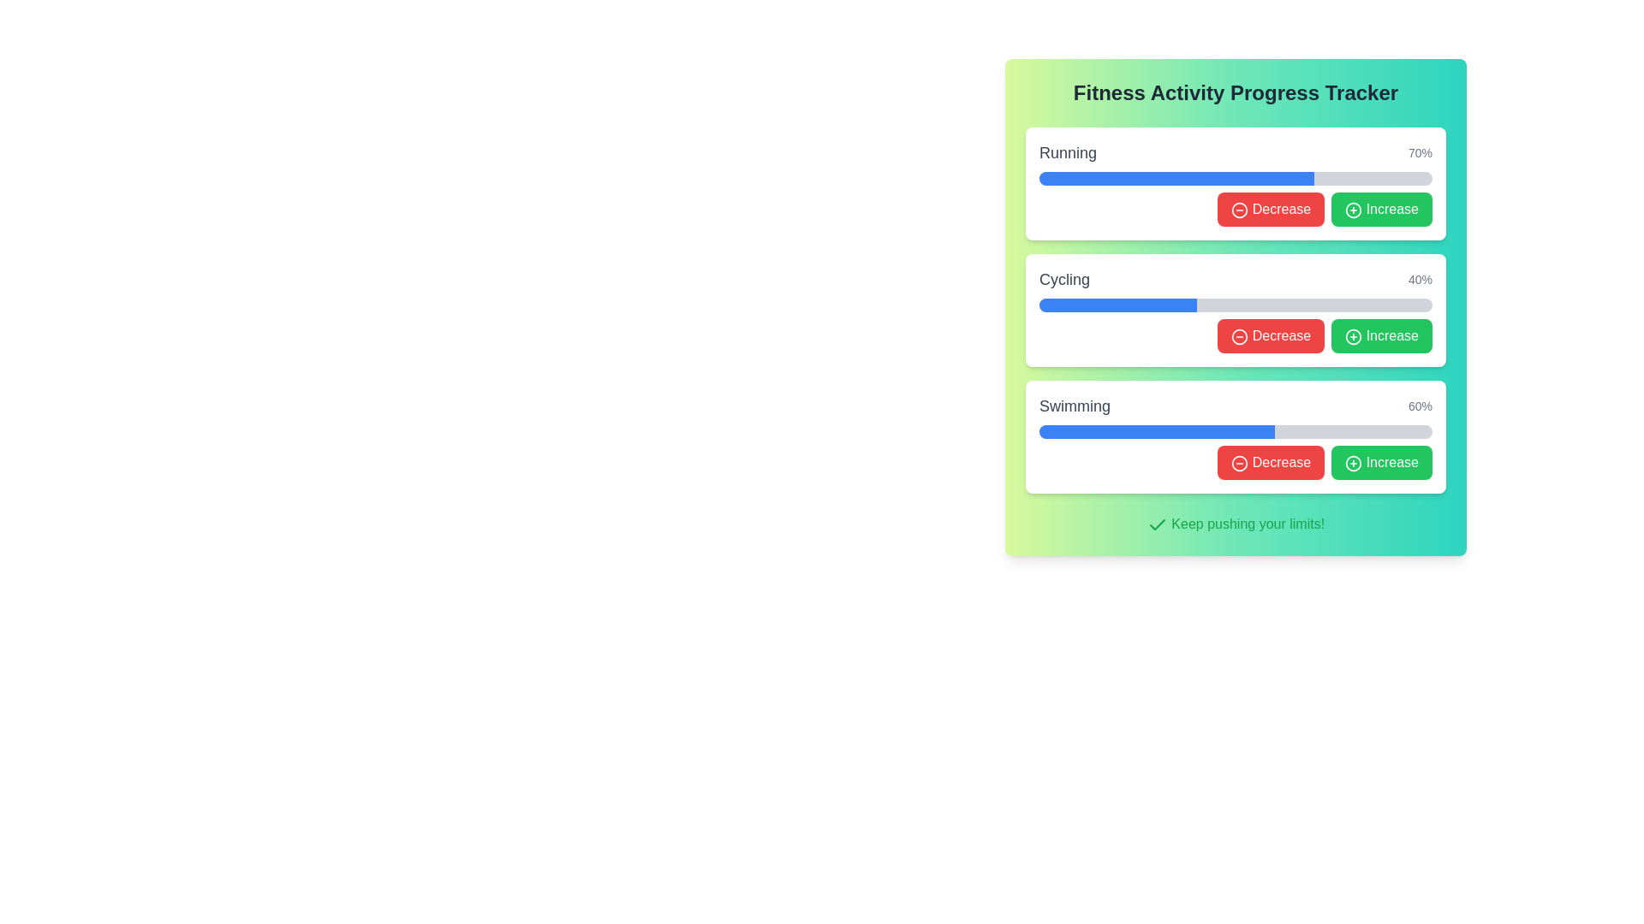 The height and width of the screenshot is (924, 1644). What do you see at coordinates (1236, 431) in the screenshot?
I see `the progress bar representing 60% completion in the Swimming activity tracker, located in the third section of the Fitness Activity Progress Tracker interface` at bounding box center [1236, 431].